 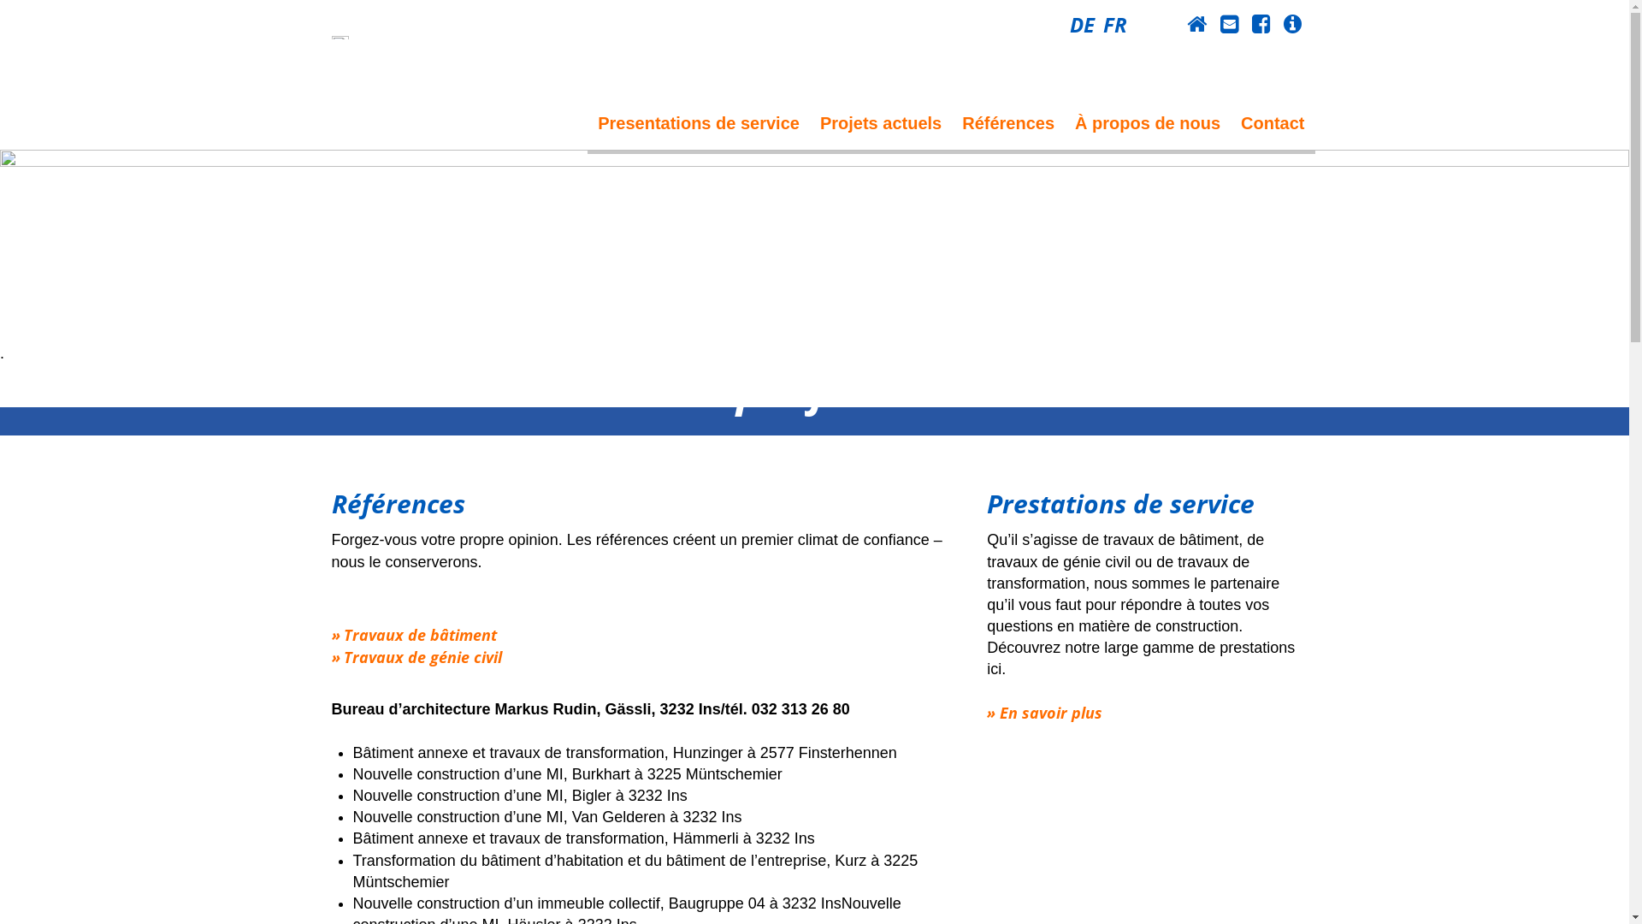 What do you see at coordinates (698, 122) in the screenshot?
I see `'Presentations de service'` at bounding box center [698, 122].